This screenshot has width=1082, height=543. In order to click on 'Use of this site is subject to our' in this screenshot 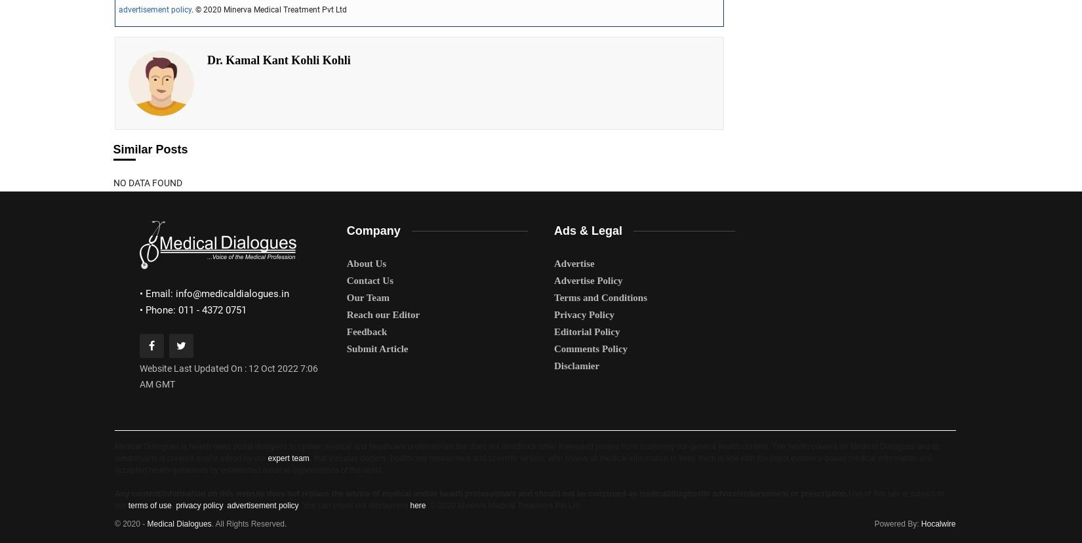, I will do `click(529, 499)`.